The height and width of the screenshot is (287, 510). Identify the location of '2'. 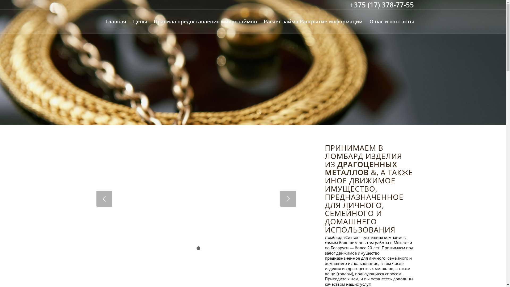
(198, 248).